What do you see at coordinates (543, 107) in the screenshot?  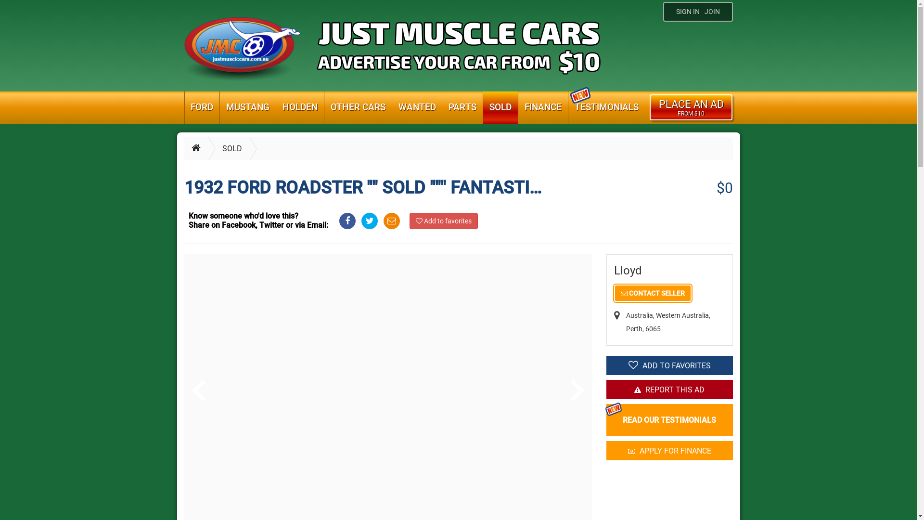 I see `'FINANCE'` at bounding box center [543, 107].